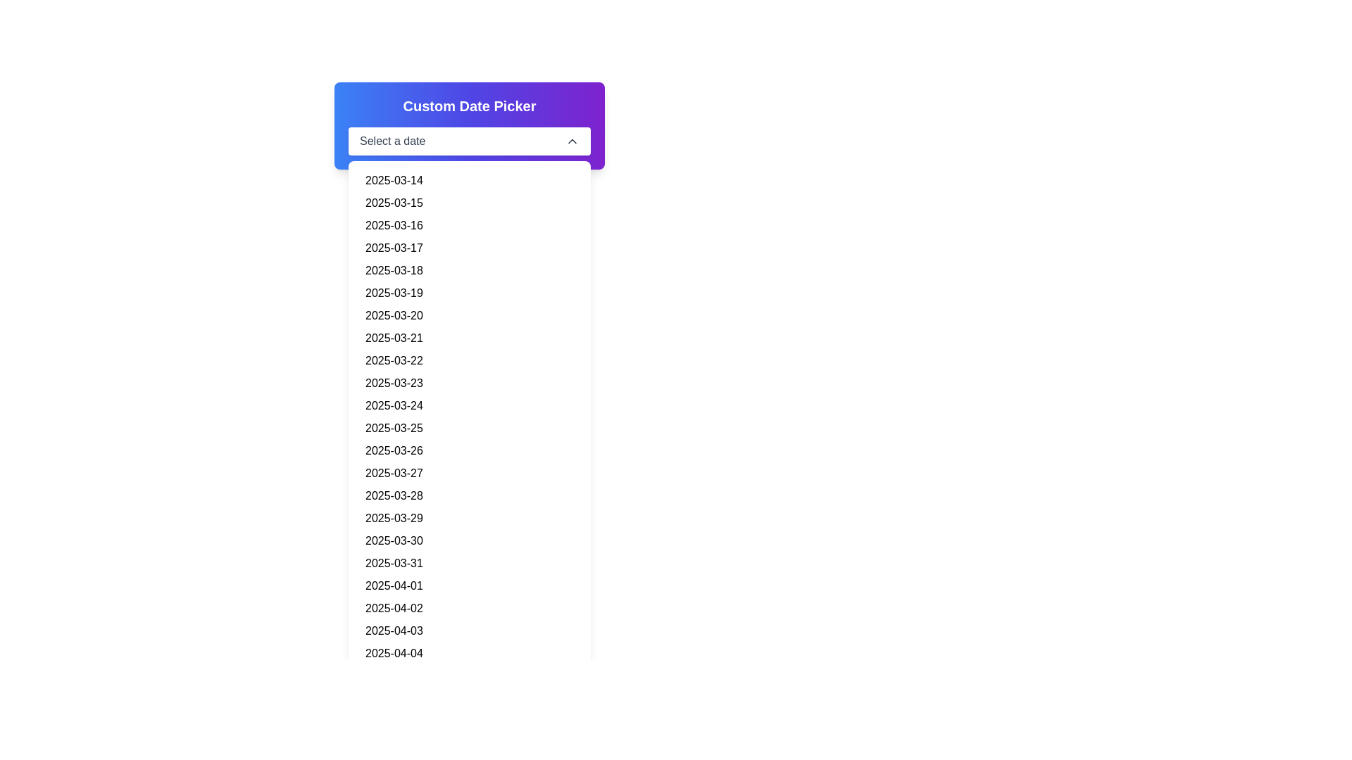 This screenshot has width=1352, height=760. What do you see at coordinates (470, 495) in the screenshot?
I see `the List item displaying the date '2025-03-28' in the dropdown` at bounding box center [470, 495].